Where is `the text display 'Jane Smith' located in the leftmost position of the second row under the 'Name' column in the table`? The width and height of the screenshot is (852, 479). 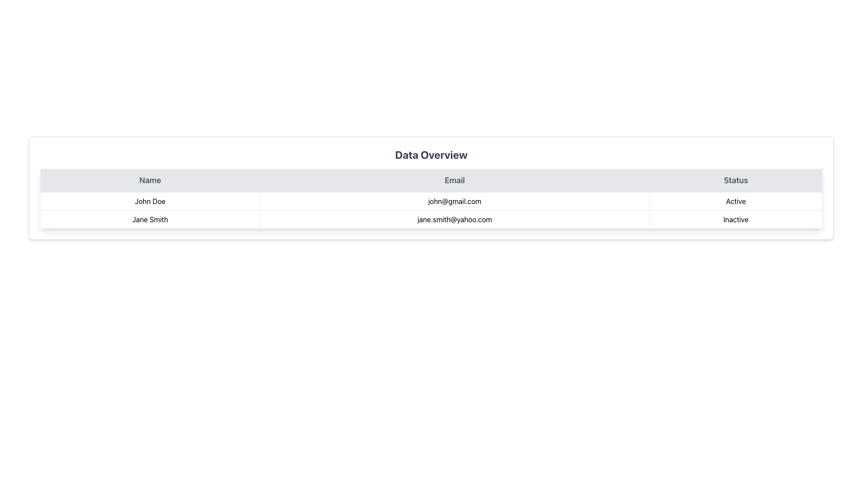
the text display 'Jane Smith' located in the leftmost position of the second row under the 'Name' column in the table is located at coordinates (150, 219).